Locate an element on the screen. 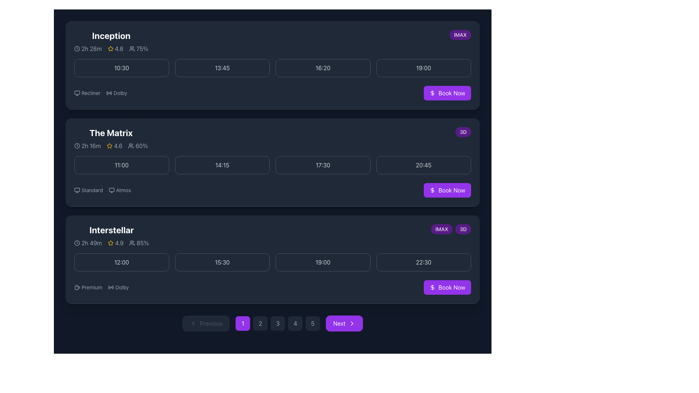 This screenshot has width=699, height=393. the button displaying the time '13:45' to change its border color is located at coordinates (222, 68).